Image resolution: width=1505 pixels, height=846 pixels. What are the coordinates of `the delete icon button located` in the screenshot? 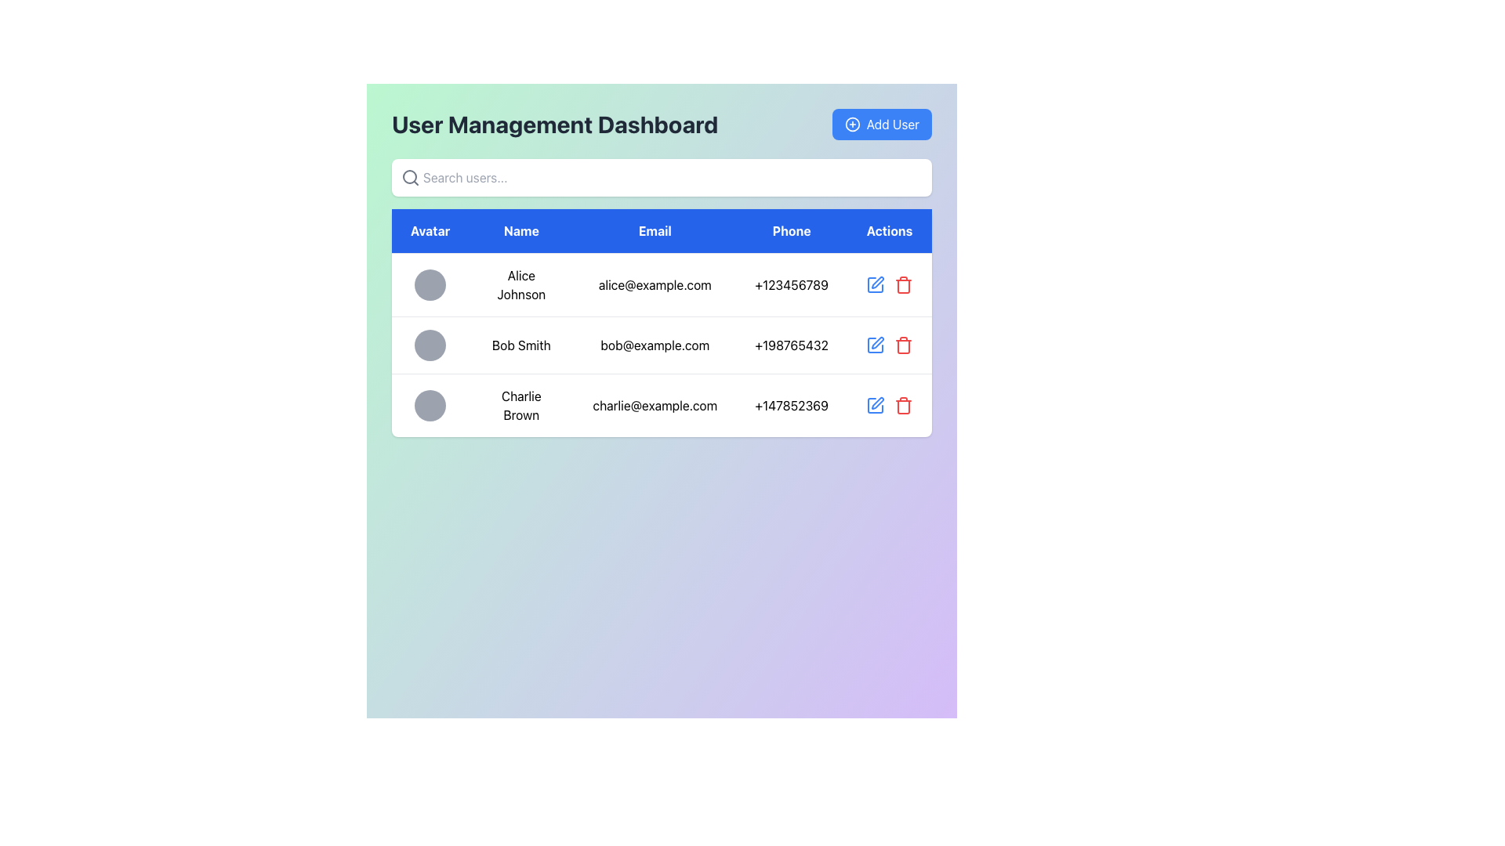 It's located at (903, 344).